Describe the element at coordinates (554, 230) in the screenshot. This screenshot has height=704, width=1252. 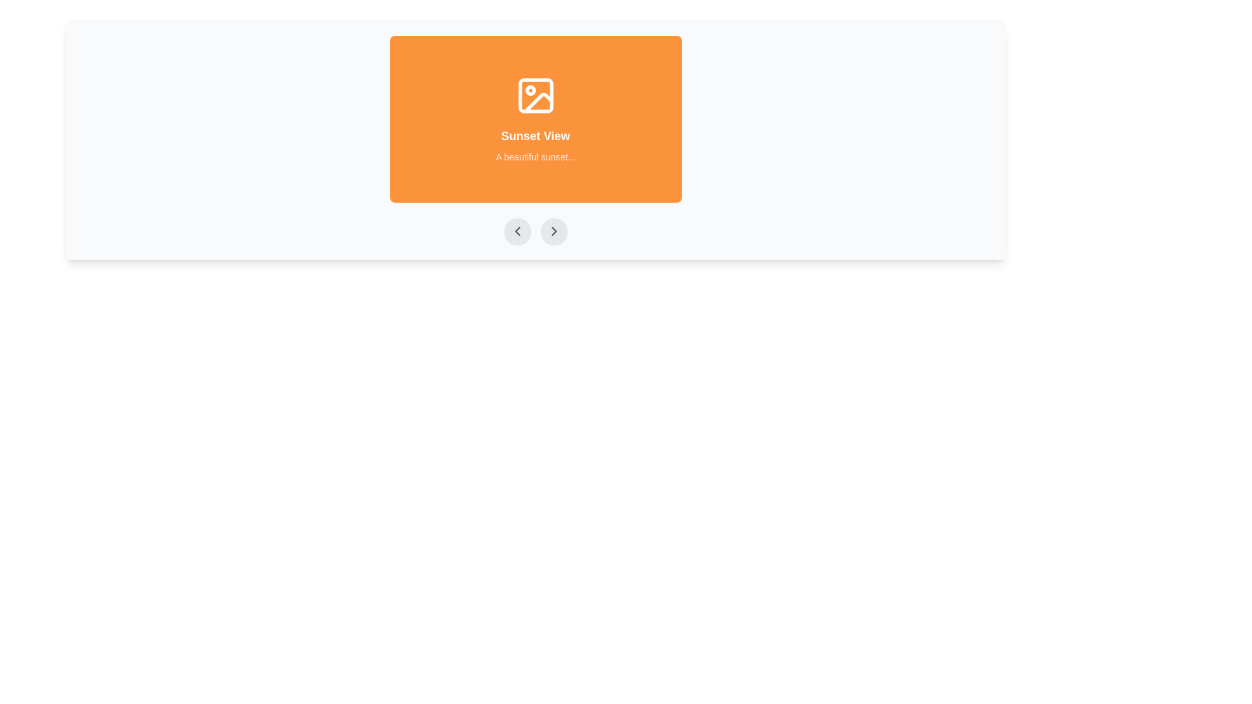
I see `the navigation button located at the bottom center of the sunset view panel` at that location.